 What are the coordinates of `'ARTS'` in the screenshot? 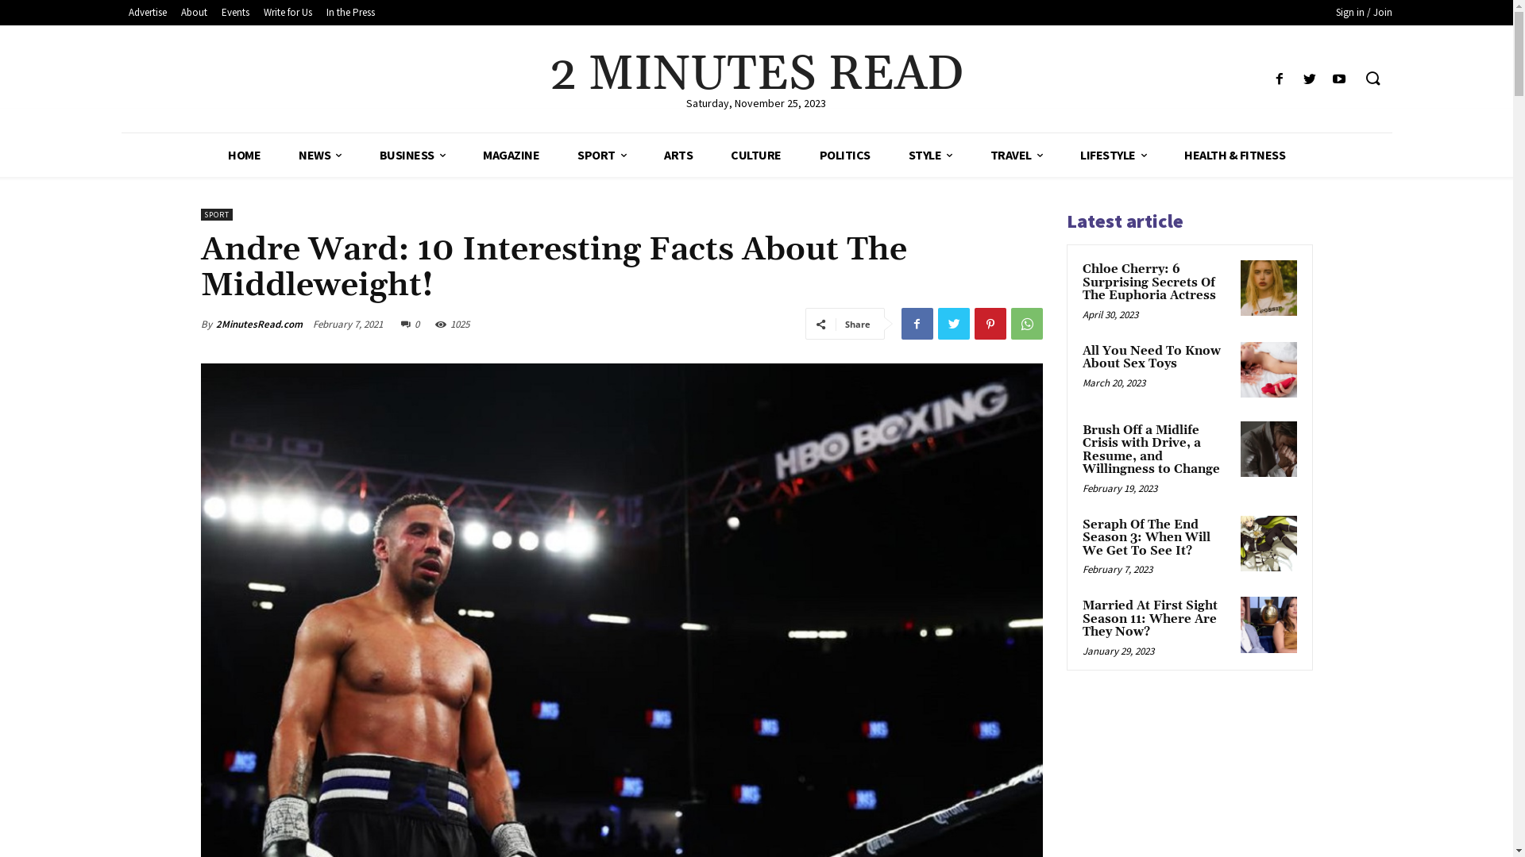 It's located at (678, 155).